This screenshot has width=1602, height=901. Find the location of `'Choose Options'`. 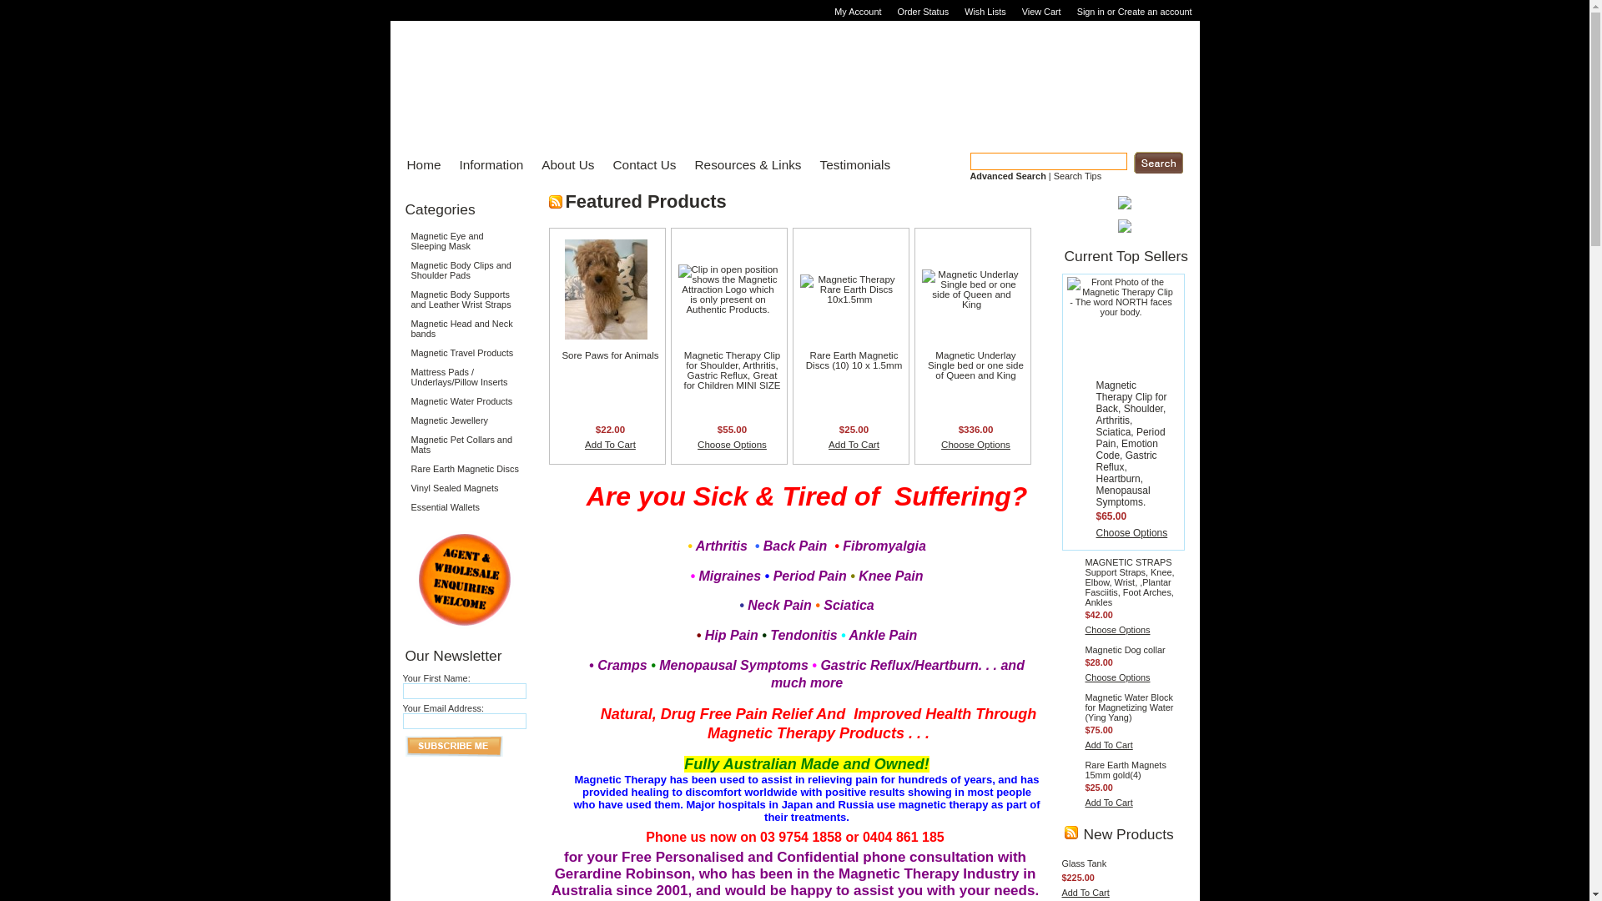

'Choose Options' is located at coordinates (1117, 630).